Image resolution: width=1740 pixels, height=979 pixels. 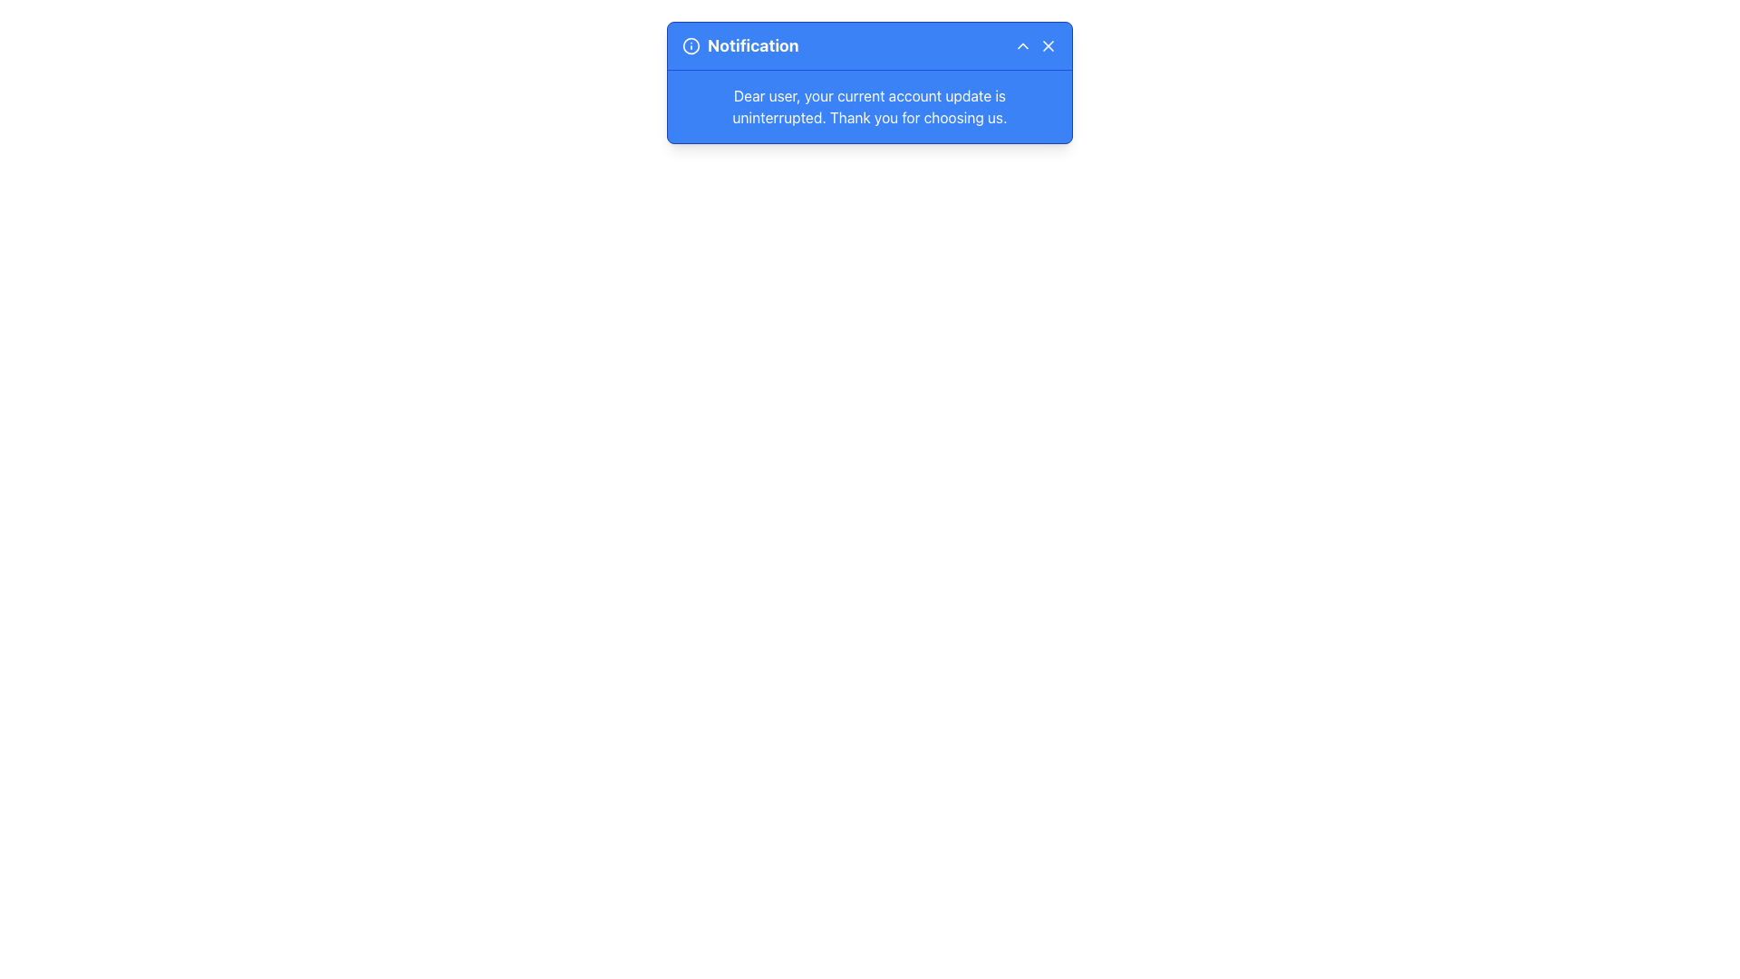 I want to click on the graphical element representing the information icon, which is located at the upper-left corner of the blue notification box beside the title 'Notification', so click(x=691, y=44).